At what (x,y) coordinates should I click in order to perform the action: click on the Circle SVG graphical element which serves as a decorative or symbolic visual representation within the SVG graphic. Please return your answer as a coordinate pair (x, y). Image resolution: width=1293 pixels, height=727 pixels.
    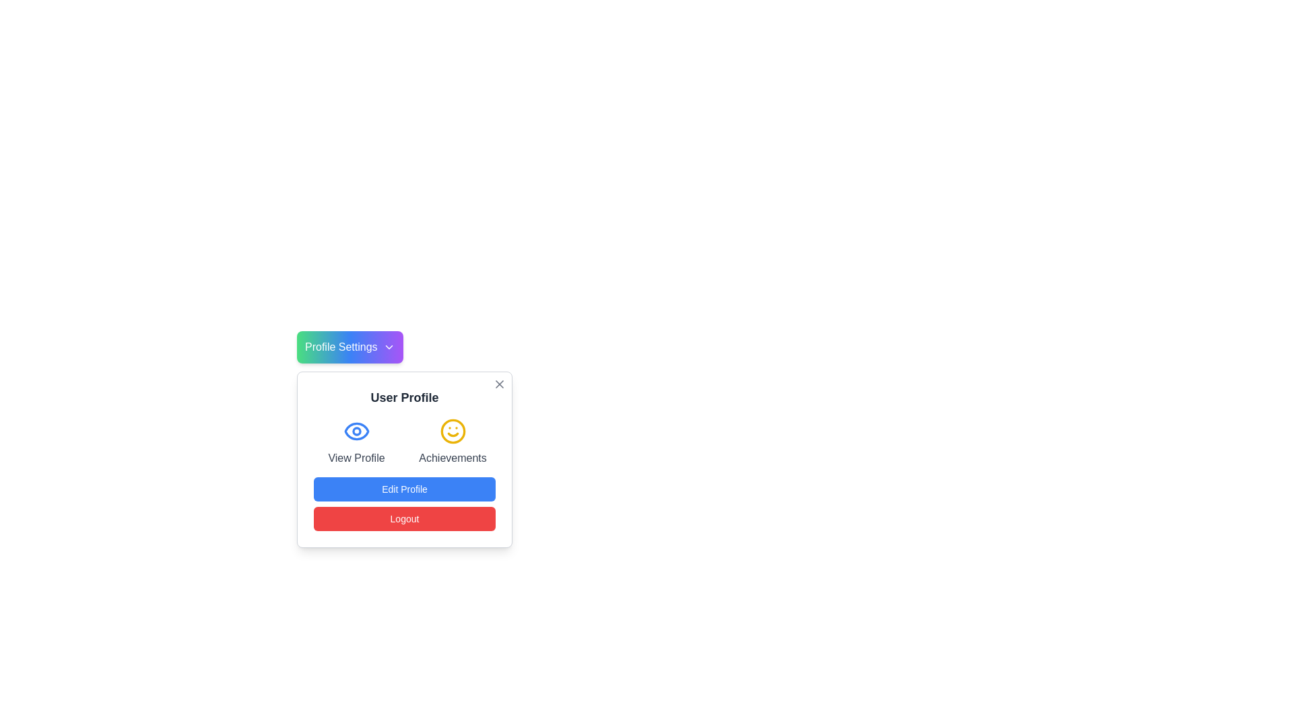
    Looking at the image, I should click on (356, 431).